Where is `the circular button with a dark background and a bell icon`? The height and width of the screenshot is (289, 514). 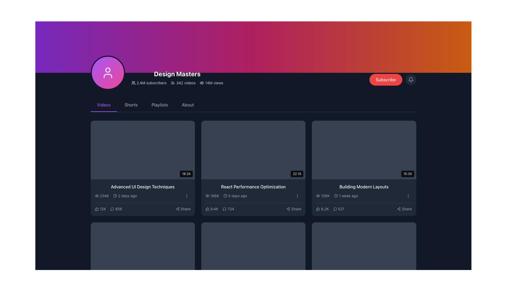 the circular button with a dark background and a bell icon is located at coordinates (410, 79).